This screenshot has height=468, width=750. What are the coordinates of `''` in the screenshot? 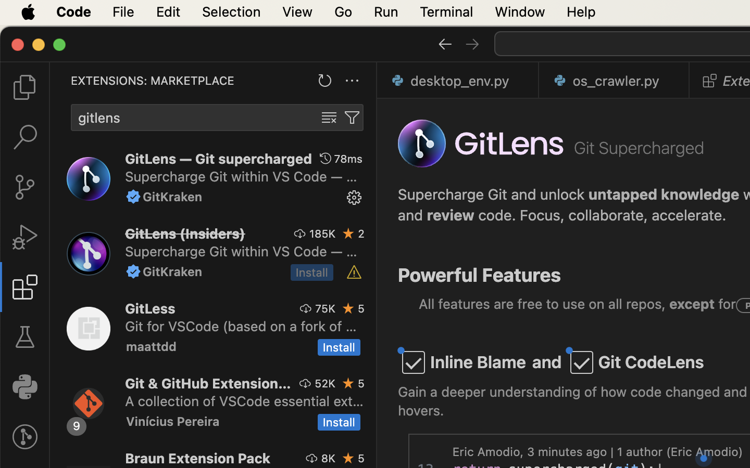 It's located at (133, 197).